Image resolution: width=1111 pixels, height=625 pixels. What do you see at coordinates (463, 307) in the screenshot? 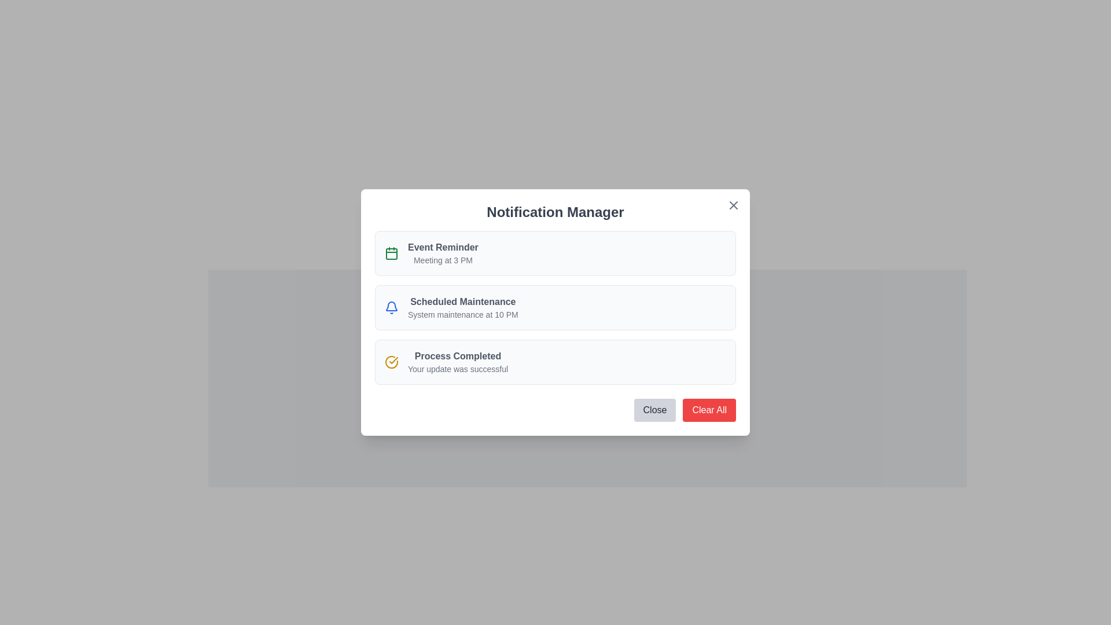
I see `the Text block containing information about the planned maintenance event in the Notification Manager modal, which is the second notification in a vertical list` at bounding box center [463, 307].